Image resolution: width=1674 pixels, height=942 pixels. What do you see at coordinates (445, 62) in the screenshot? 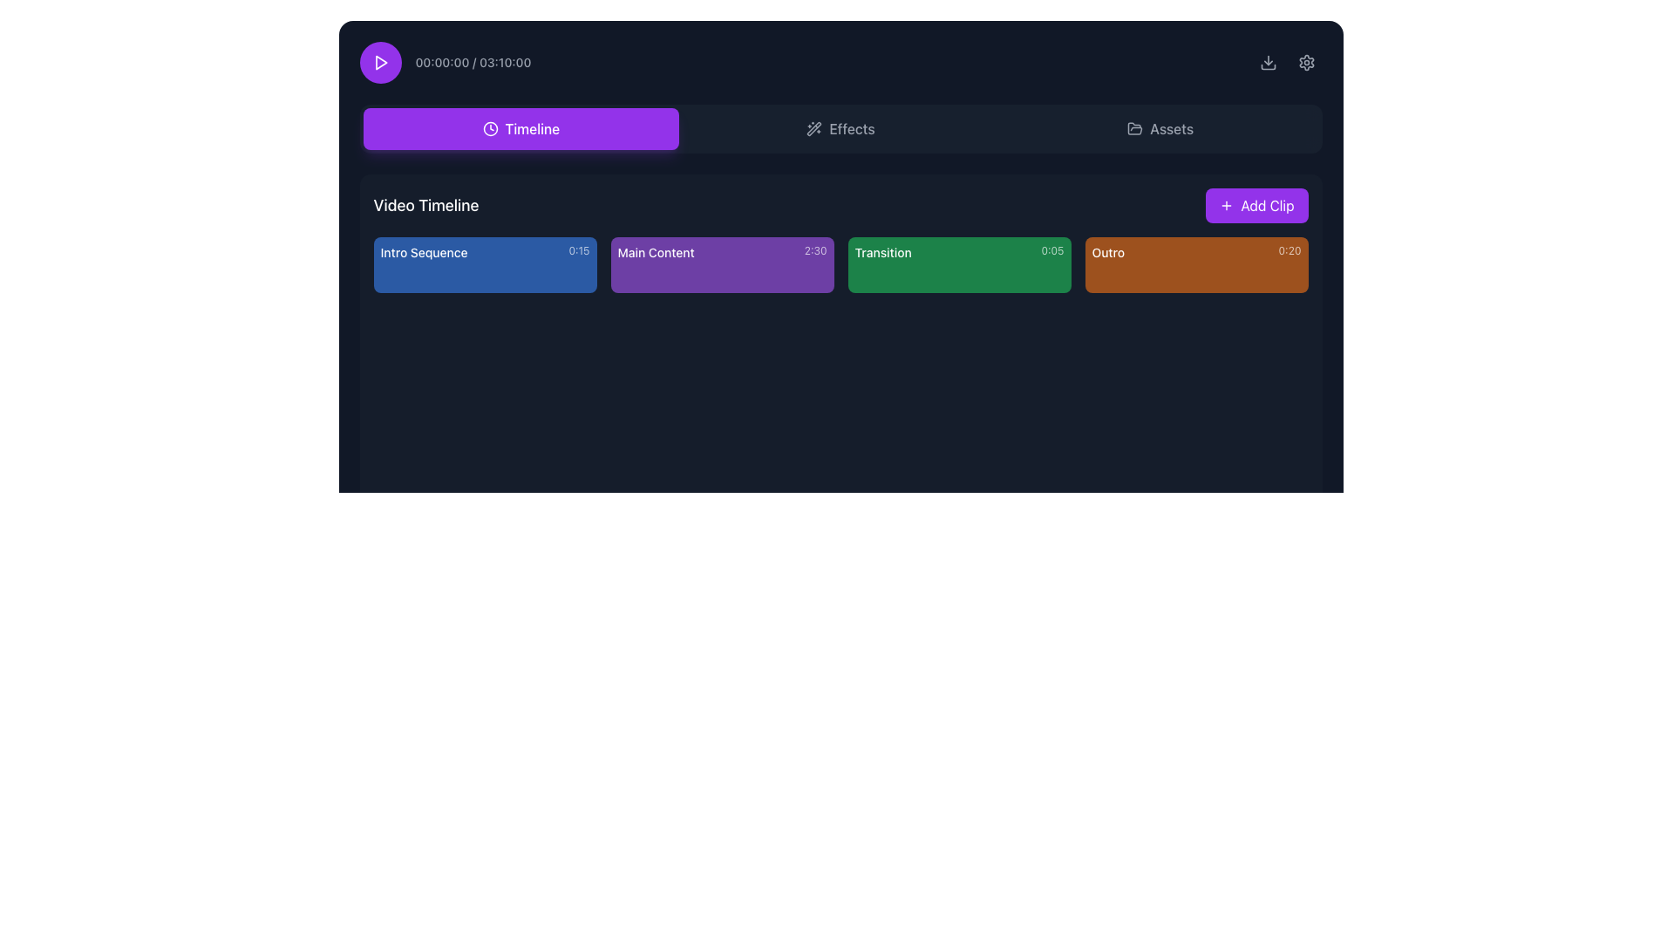
I see `the timestamp text element displaying the format '00:00:00 / 03:10:00', which is aligned horizontally next to a purple circular icon and located at the top-left corner of the interface` at bounding box center [445, 62].